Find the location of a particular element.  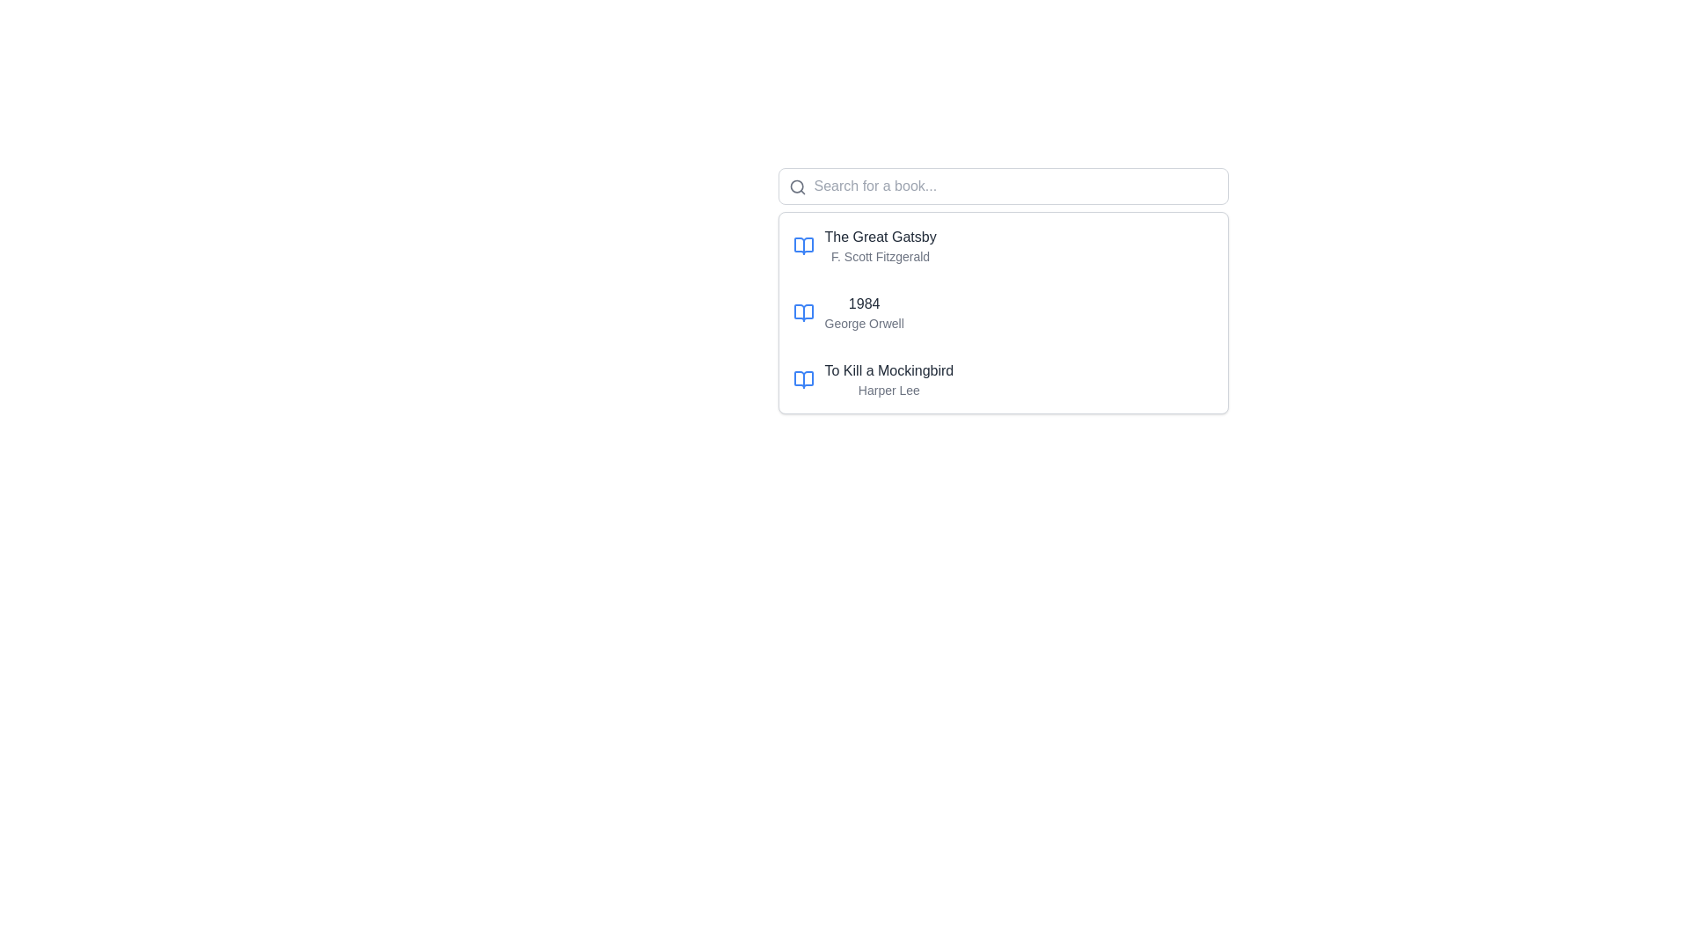

the text label displaying 'F. Scott Fitzgerald', which is located beneath the title 'The Great Gatsby' in the list is located at coordinates (881, 257).